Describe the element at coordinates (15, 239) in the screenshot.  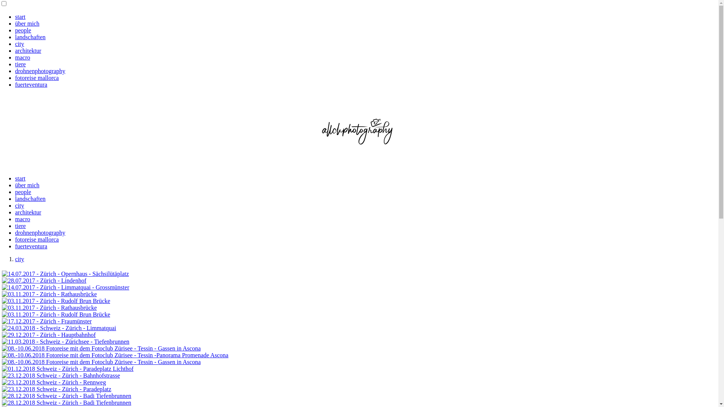
I see `'fotoreise mallorca'` at that location.